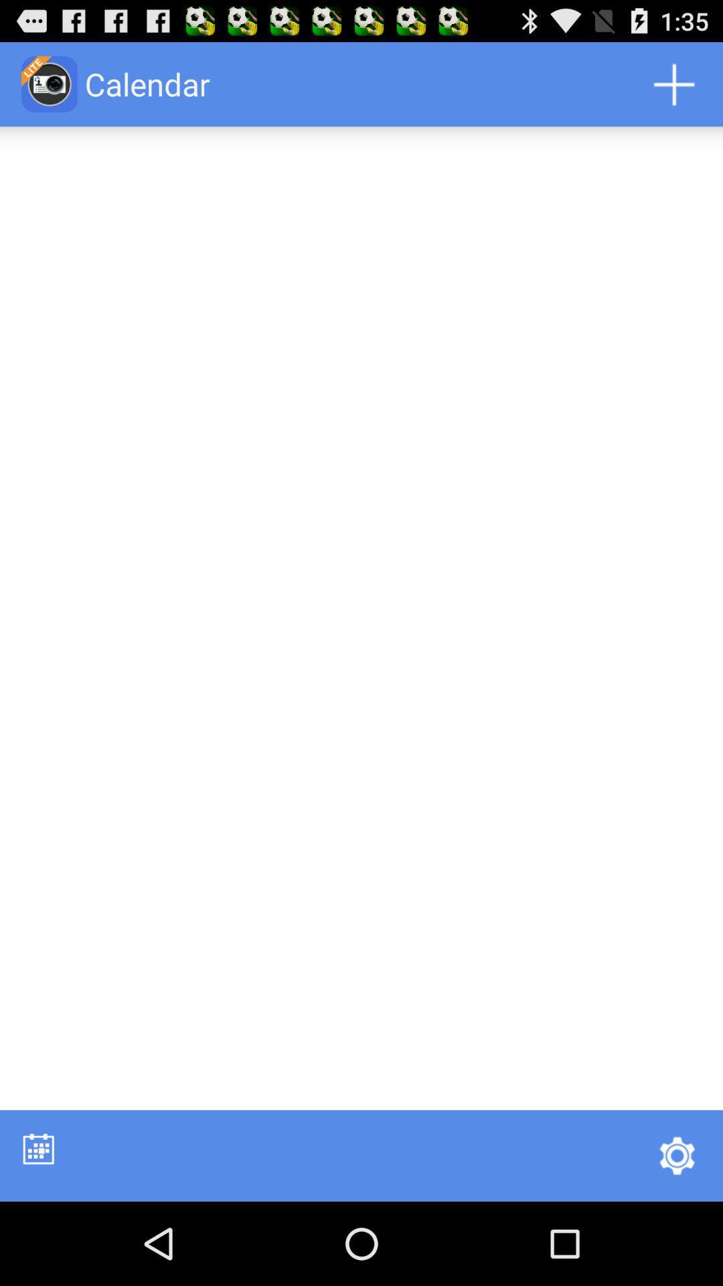  I want to click on the date_range icon, so click(37, 1229).